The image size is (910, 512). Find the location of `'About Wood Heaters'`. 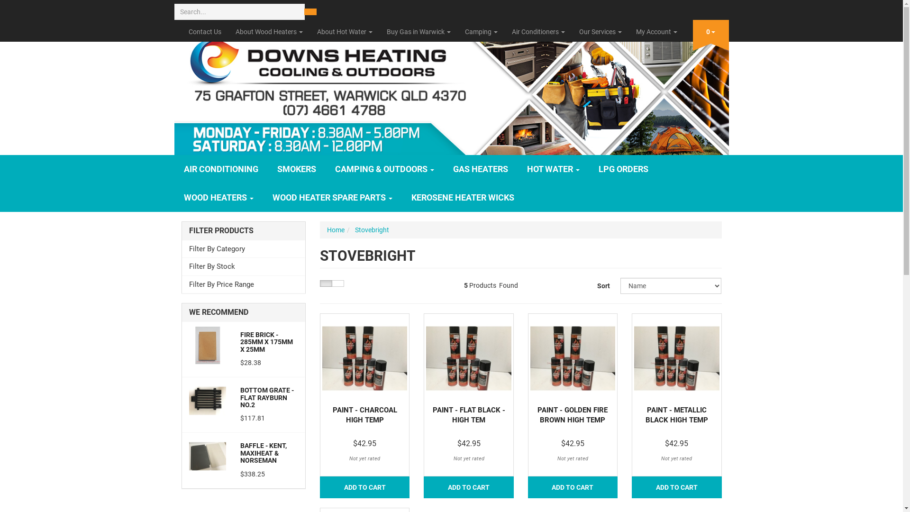

'About Wood Heaters' is located at coordinates (268, 31).